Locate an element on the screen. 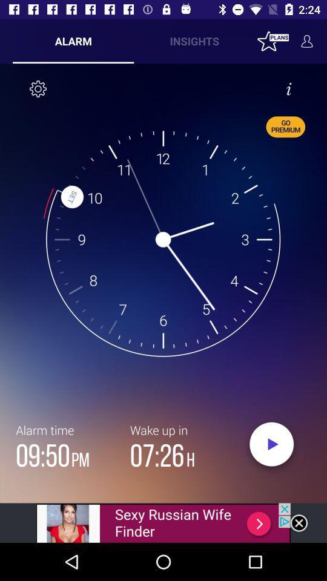  colse is located at coordinates (298, 522).